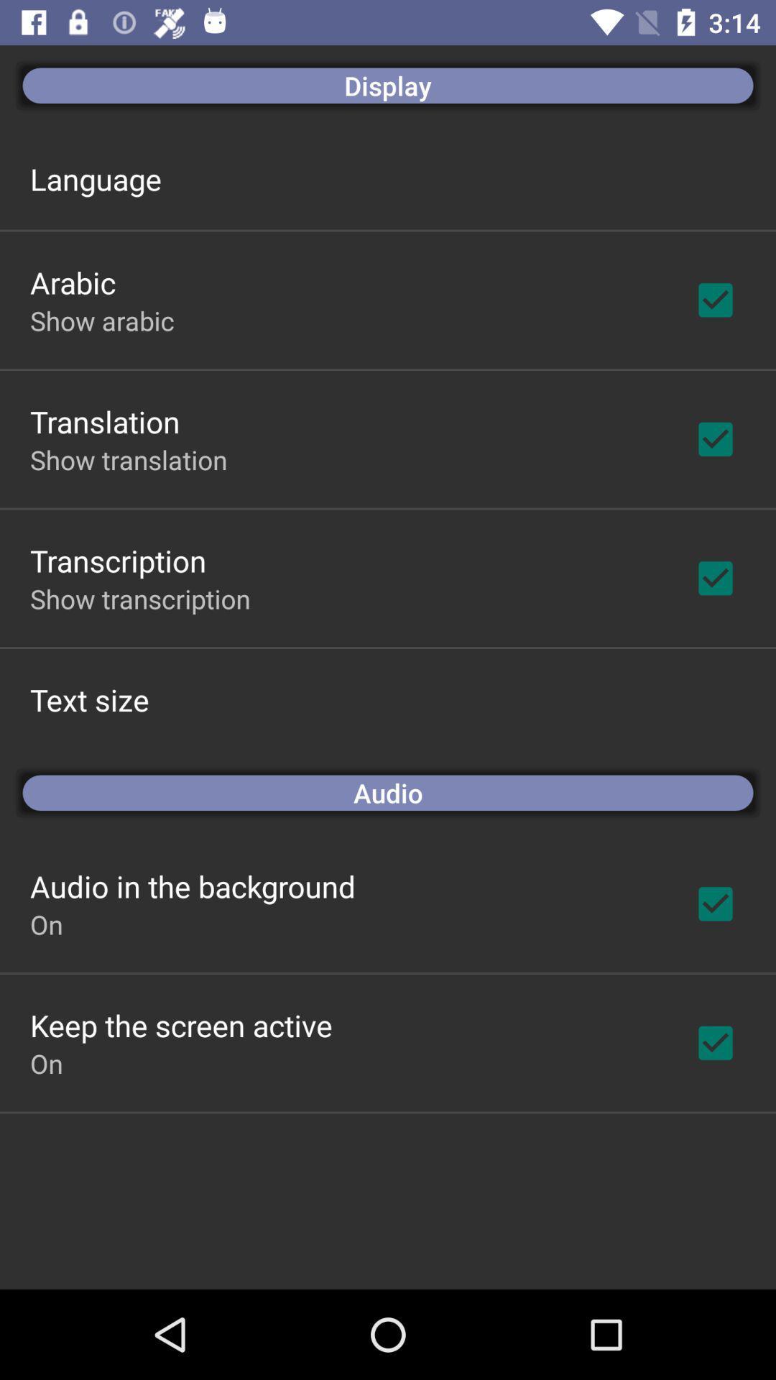 The width and height of the screenshot is (776, 1380). What do you see at coordinates (128, 459) in the screenshot?
I see `the show translation` at bounding box center [128, 459].